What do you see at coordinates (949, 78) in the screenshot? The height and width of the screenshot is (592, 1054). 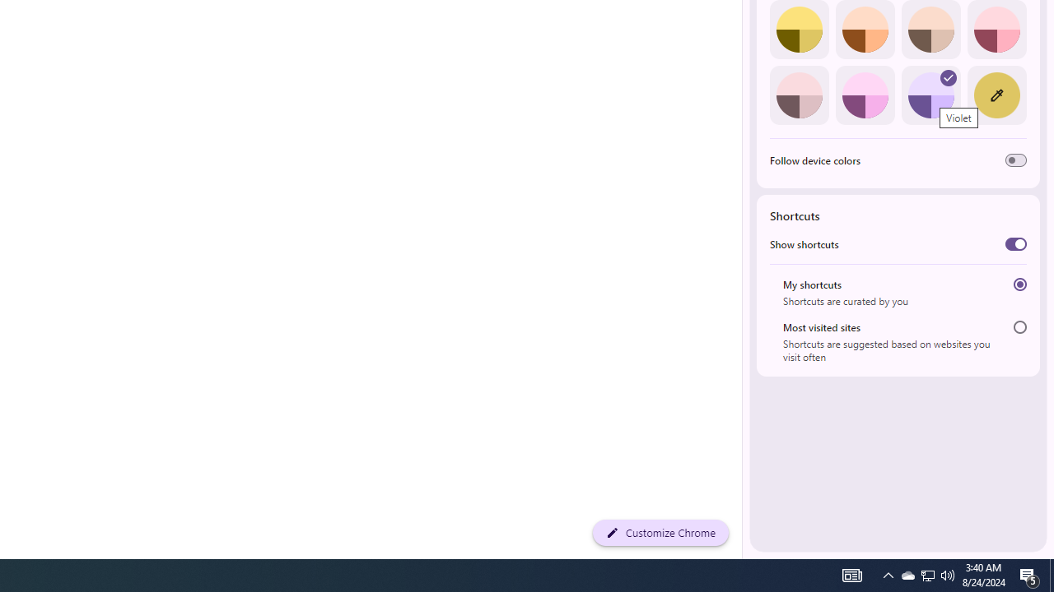 I see `'AutomationID: svg'` at bounding box center [949, 78].